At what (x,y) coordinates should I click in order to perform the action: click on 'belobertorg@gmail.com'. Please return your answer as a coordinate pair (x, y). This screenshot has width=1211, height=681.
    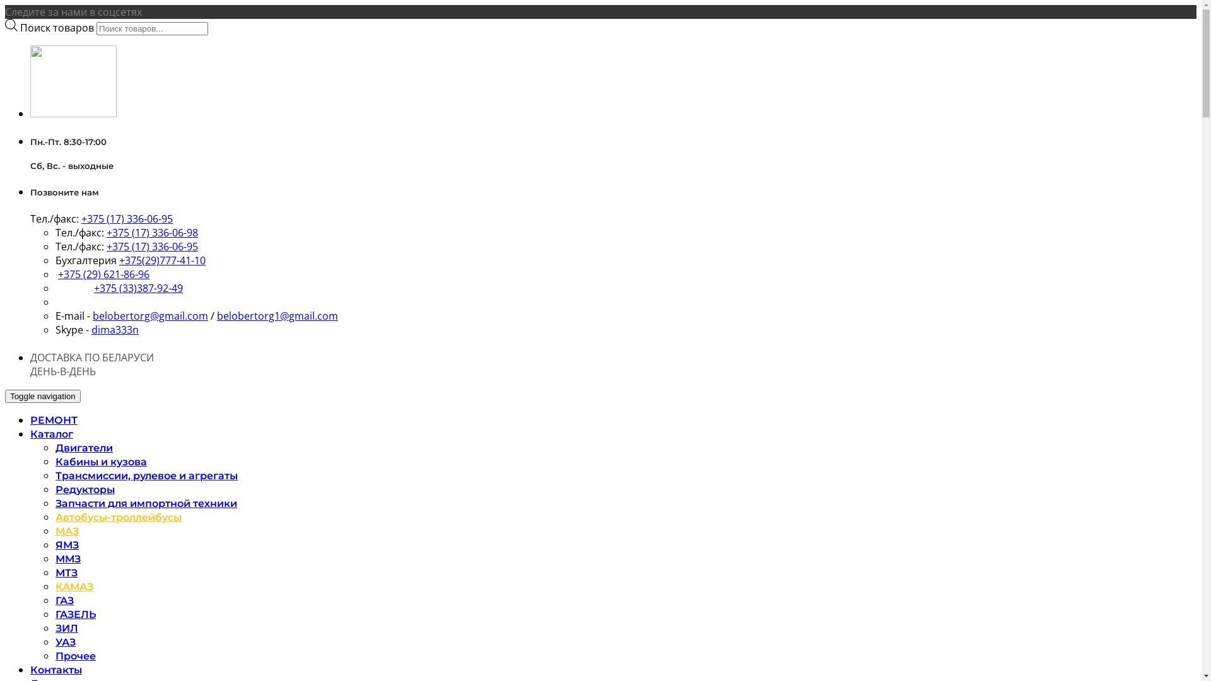
    Looking at the image, I should click on (150, 315).